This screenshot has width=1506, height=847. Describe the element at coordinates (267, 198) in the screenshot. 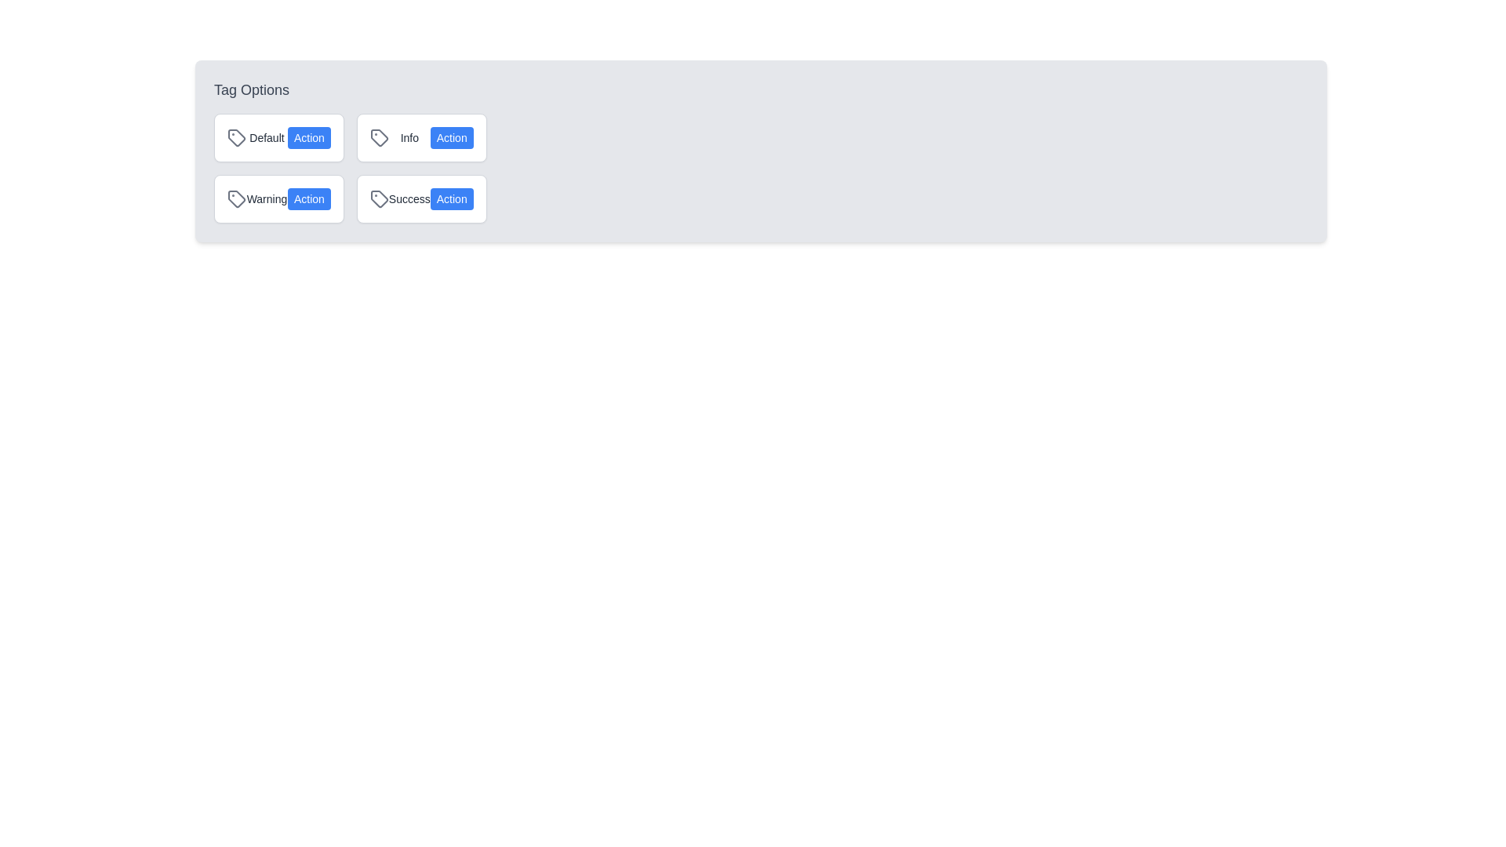

I see `text from the 'Warning' label, which is a medium-sized, dark gray text located in the lower-left quadrant, positioned between an icon and a button labeled 'Action'` at that location.